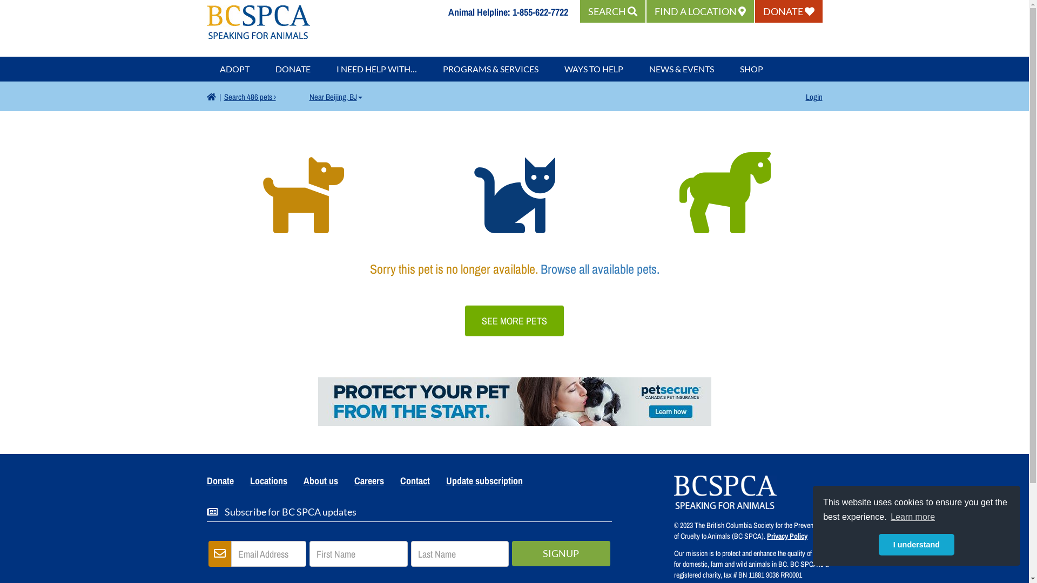 This screenshot has width=1037, height=583. I want to click on 'ADOPT', so click(233, 69).